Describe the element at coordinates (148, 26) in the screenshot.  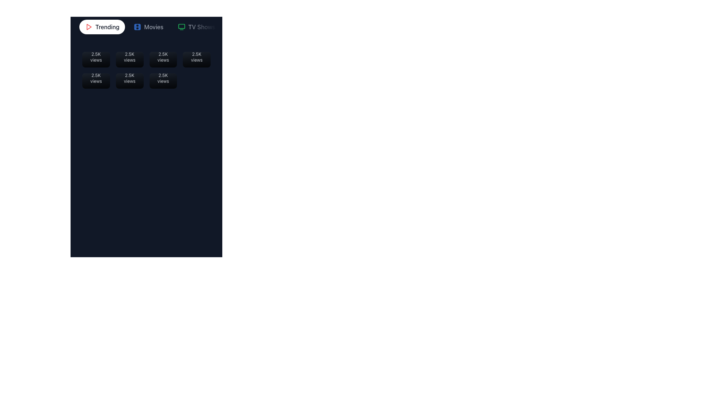
I see `the navigation button for movies located between the 'Trending' and 'TV Shows' buttons to trigger the hover effect` at that location.